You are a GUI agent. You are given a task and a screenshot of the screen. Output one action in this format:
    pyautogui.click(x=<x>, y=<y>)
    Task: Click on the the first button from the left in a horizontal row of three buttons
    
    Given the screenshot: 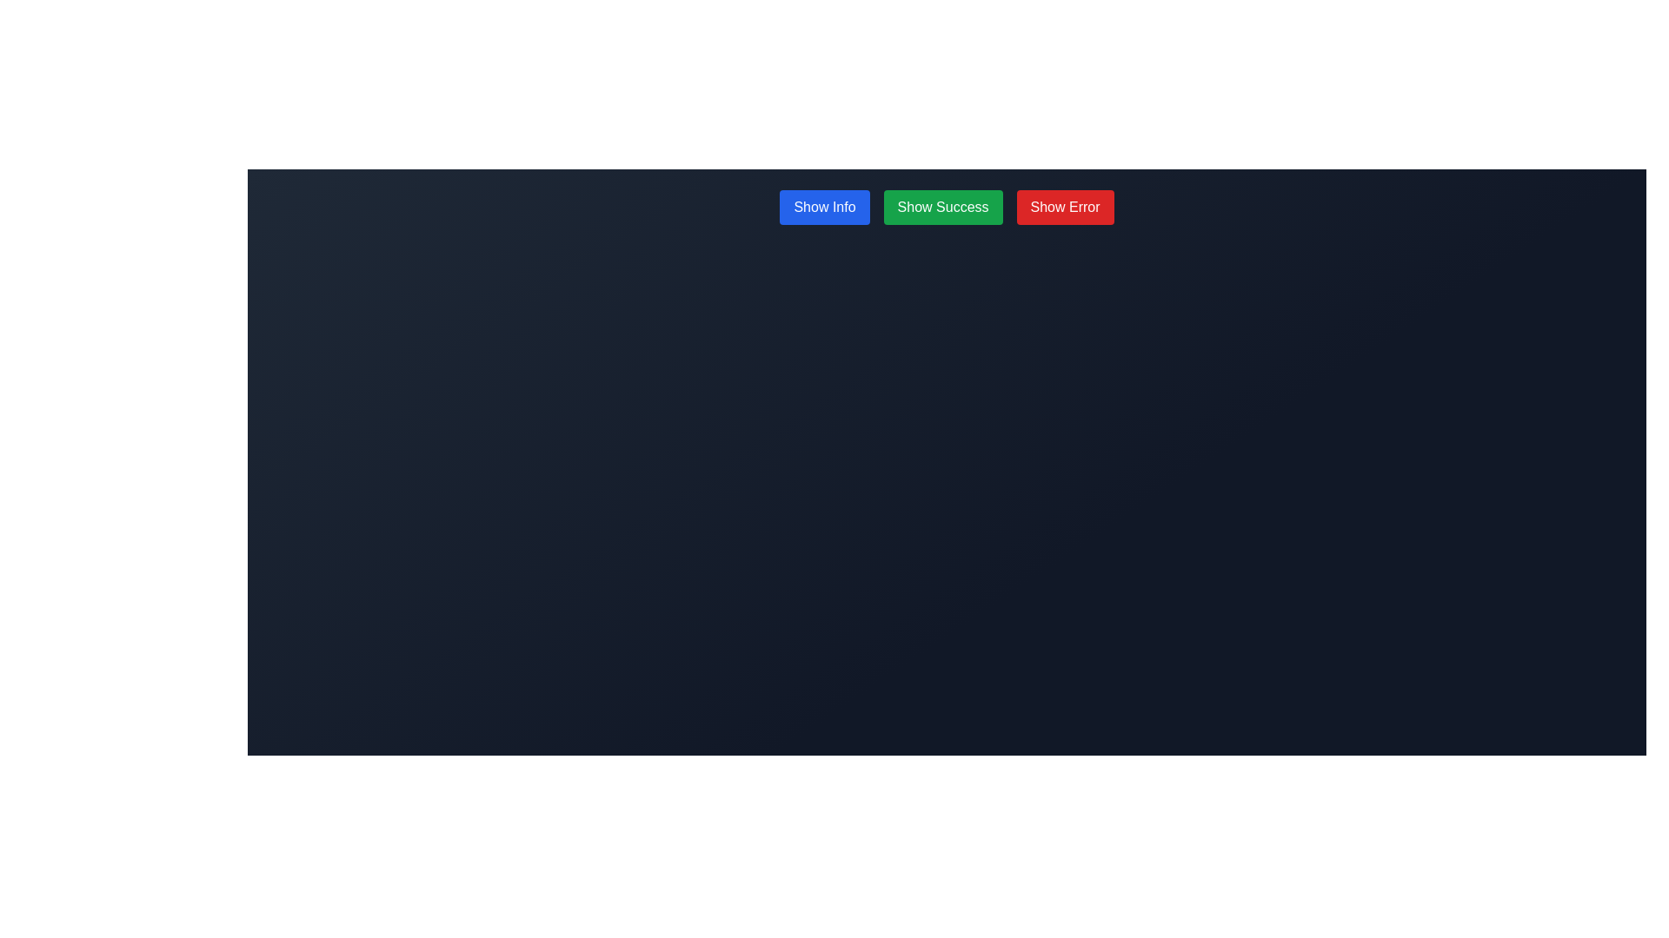 What is the action you would take?
    pyautogui.click(x=824, y=207)
    